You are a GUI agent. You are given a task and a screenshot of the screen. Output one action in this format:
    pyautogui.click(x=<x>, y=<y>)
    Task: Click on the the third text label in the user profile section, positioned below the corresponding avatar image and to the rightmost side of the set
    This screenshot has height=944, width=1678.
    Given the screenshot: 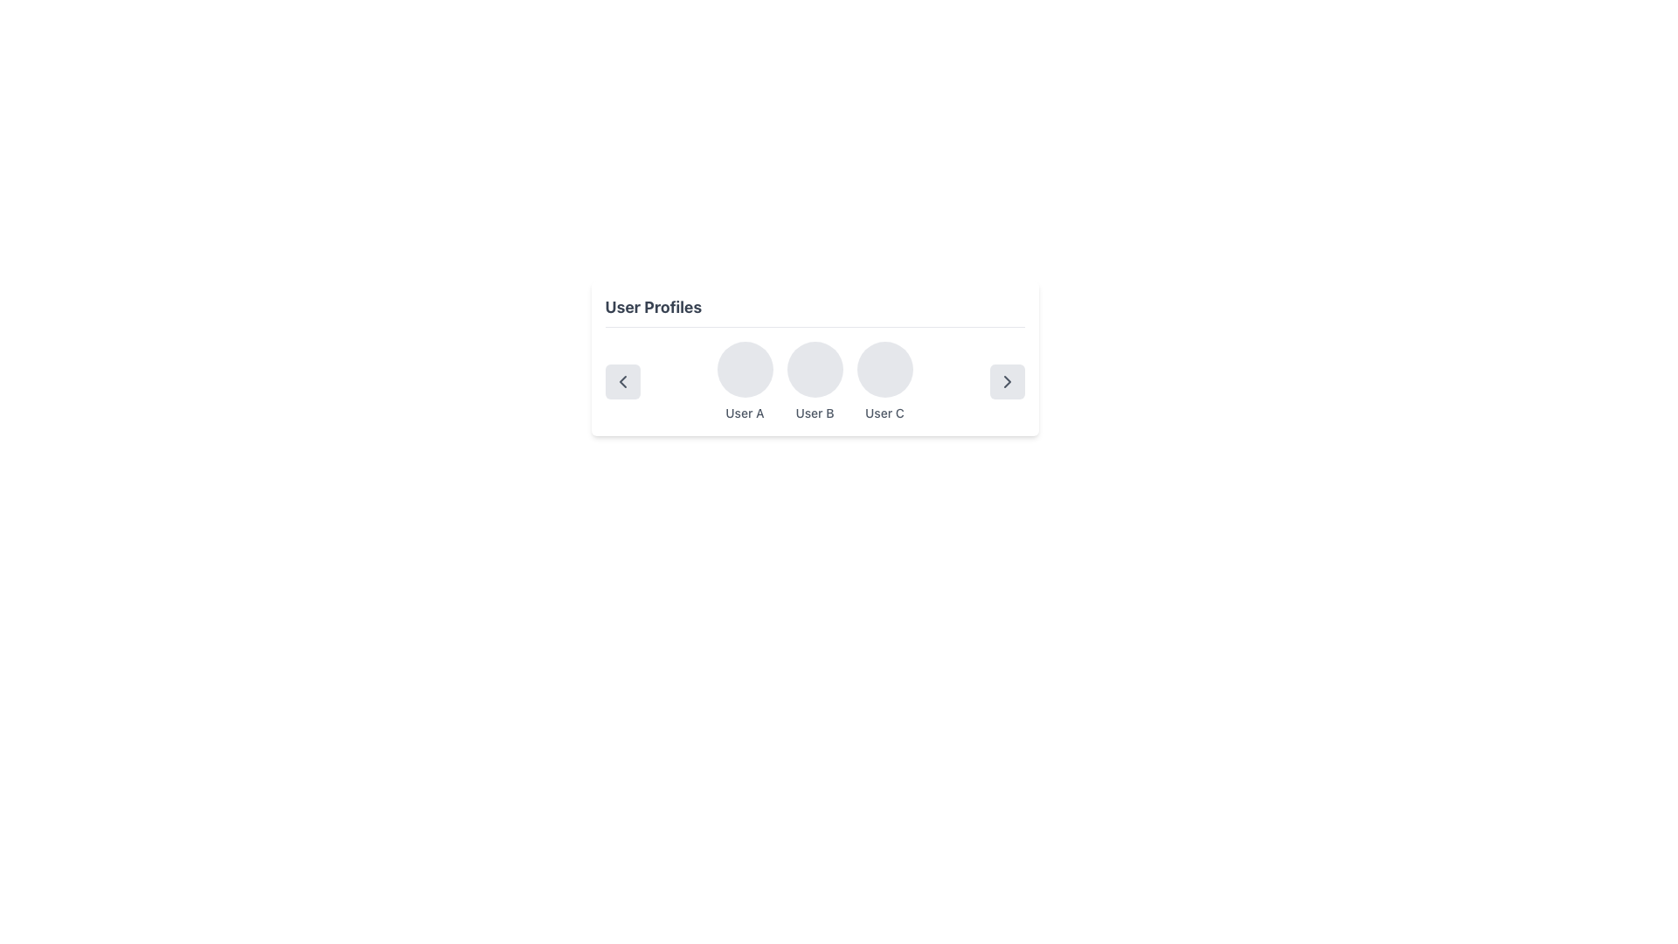 What is the action you would take?
    pyautogui.click(x=884, y=413)
    